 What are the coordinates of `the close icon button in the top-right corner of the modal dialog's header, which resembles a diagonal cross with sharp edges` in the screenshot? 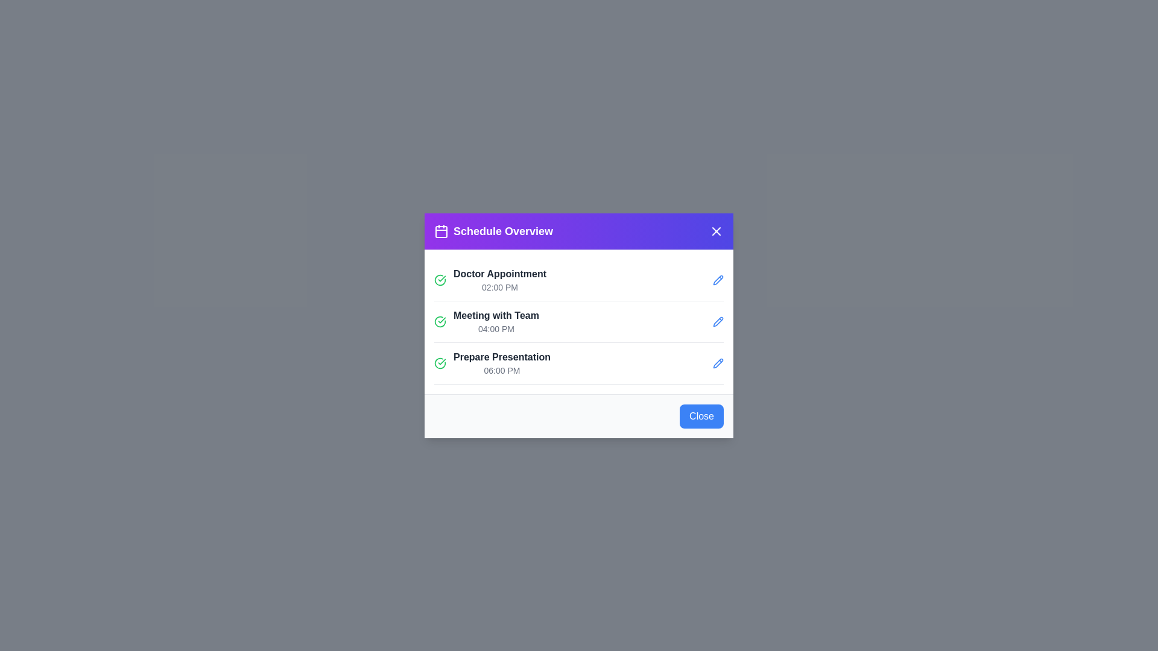 It's located at (717, 231).